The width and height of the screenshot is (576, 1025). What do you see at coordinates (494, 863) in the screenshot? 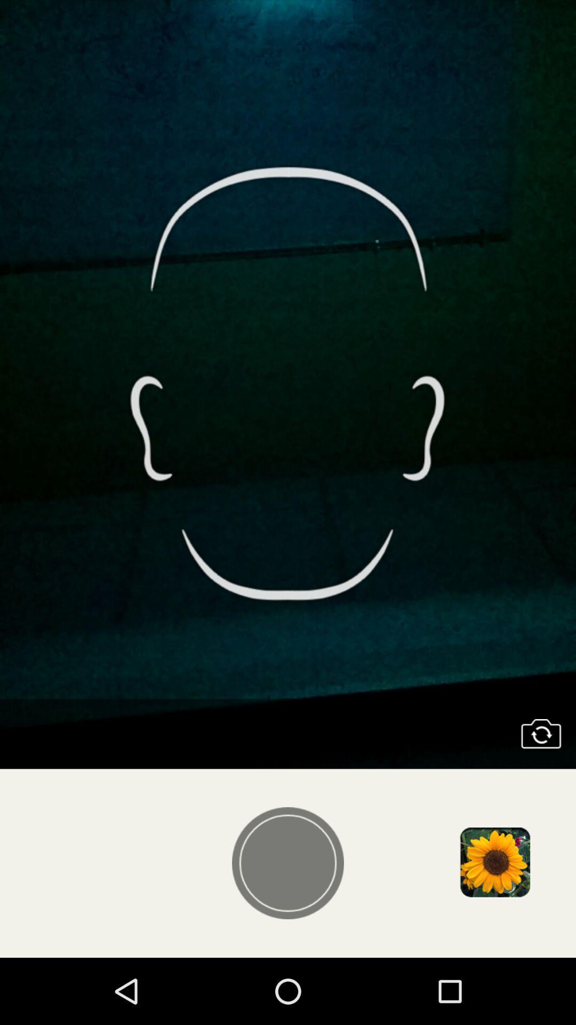
I see `open image gallery` at bounding box center [494, 863].